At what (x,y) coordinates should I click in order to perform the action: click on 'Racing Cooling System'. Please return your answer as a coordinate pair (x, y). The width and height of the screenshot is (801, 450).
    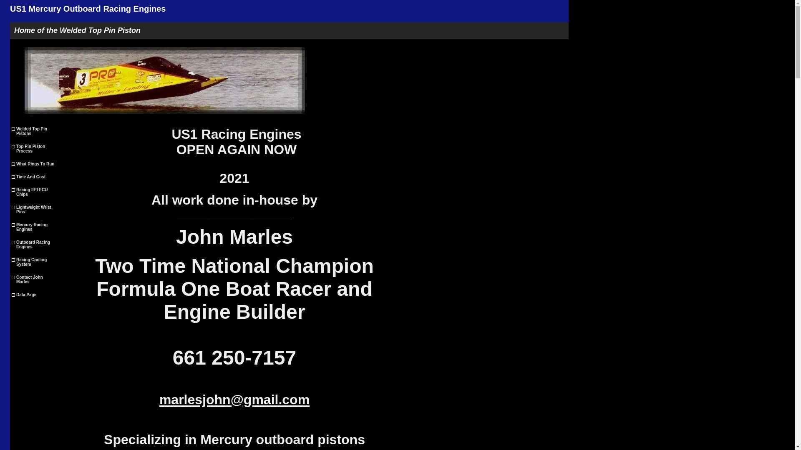
    Looking at the image, I should click on (34, 261).